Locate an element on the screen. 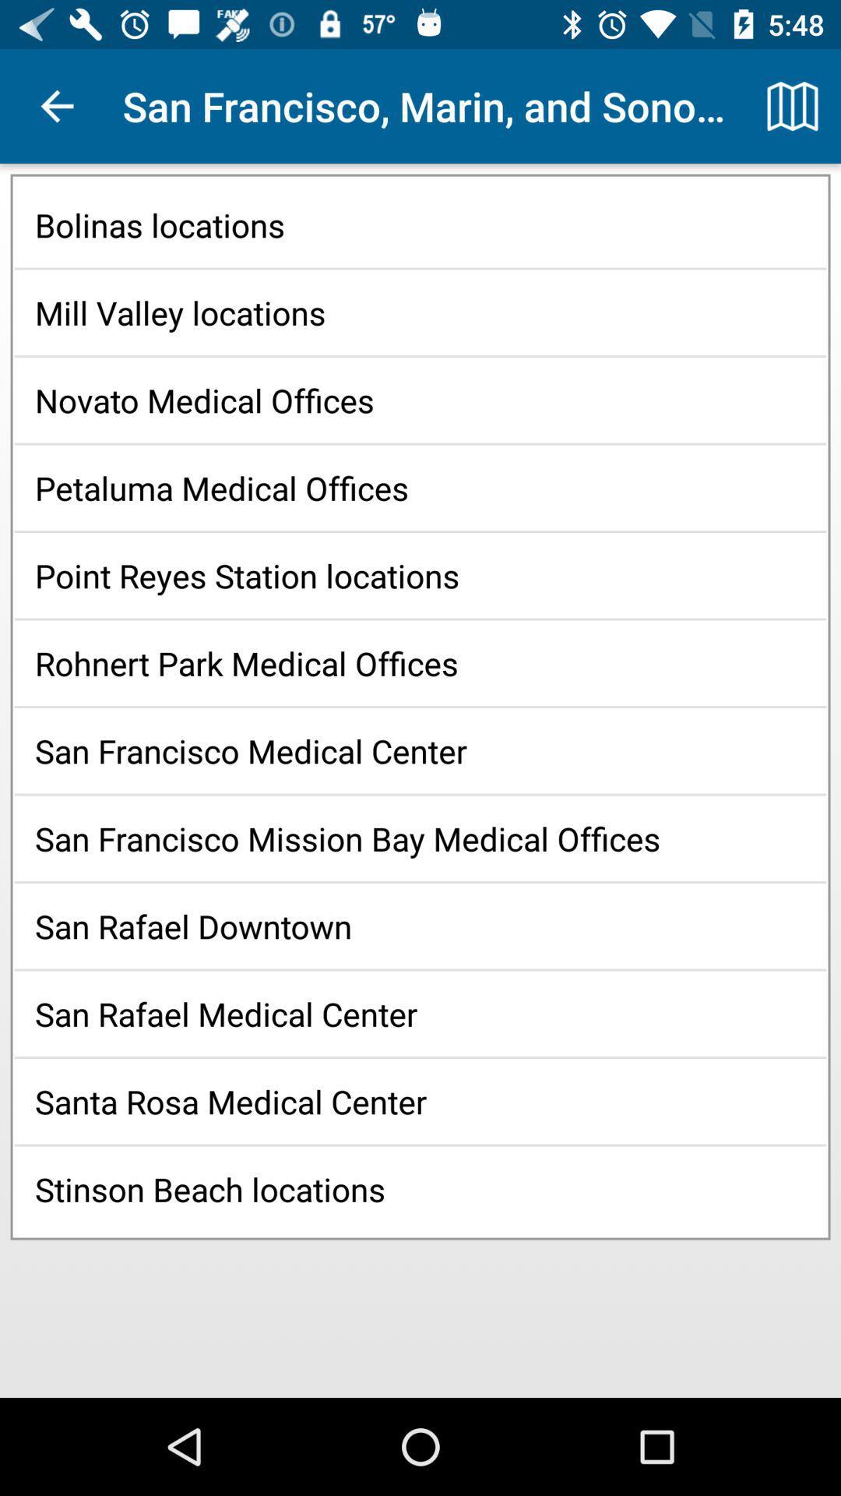 Image resolution: width=841 pixels, height=1496 pixels. the novato medical offices item is located at coordinates (420, 400).